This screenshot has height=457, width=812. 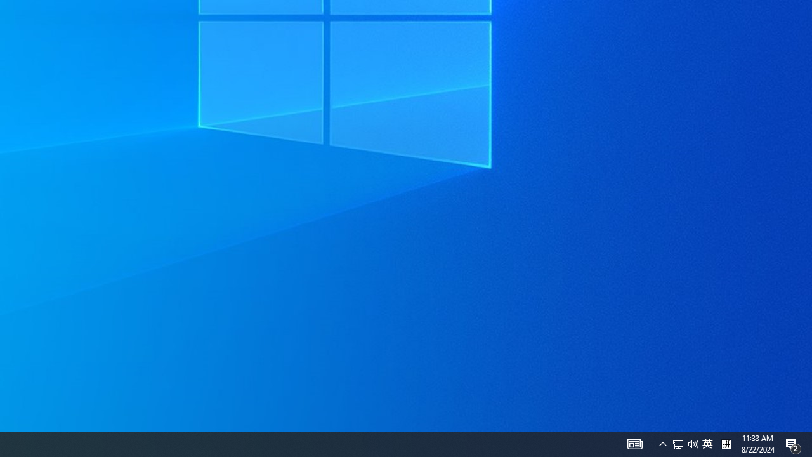 What do you see at coordinates (809, 443) in the screenshot?
I see `'Show desktop'` at bounding box center [809, 443].